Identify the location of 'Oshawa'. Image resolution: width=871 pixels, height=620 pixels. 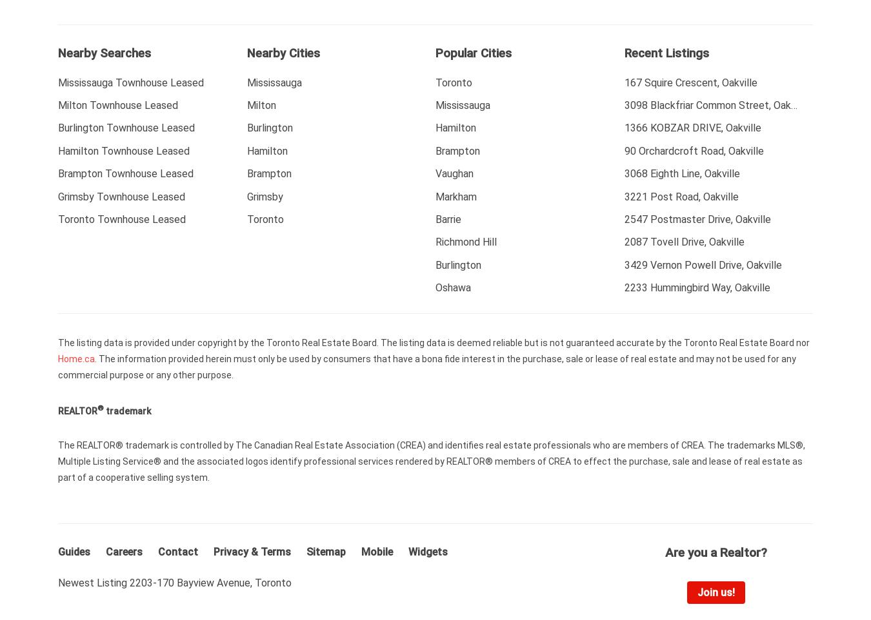
(452, 287).